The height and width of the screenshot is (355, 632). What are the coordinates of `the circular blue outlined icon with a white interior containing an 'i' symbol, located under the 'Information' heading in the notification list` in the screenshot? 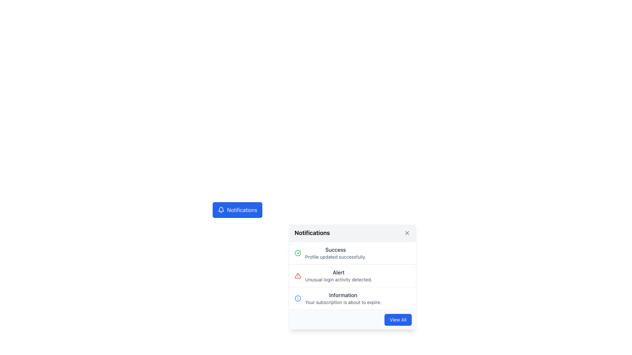 It's located at (298, 298).